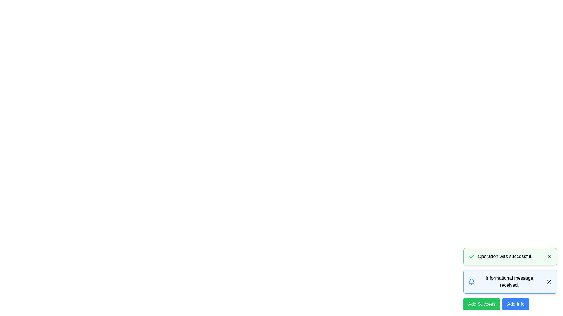  I want to click on the informational notification message display, which is aligned to the left of a bell icon, so click(509, 281).